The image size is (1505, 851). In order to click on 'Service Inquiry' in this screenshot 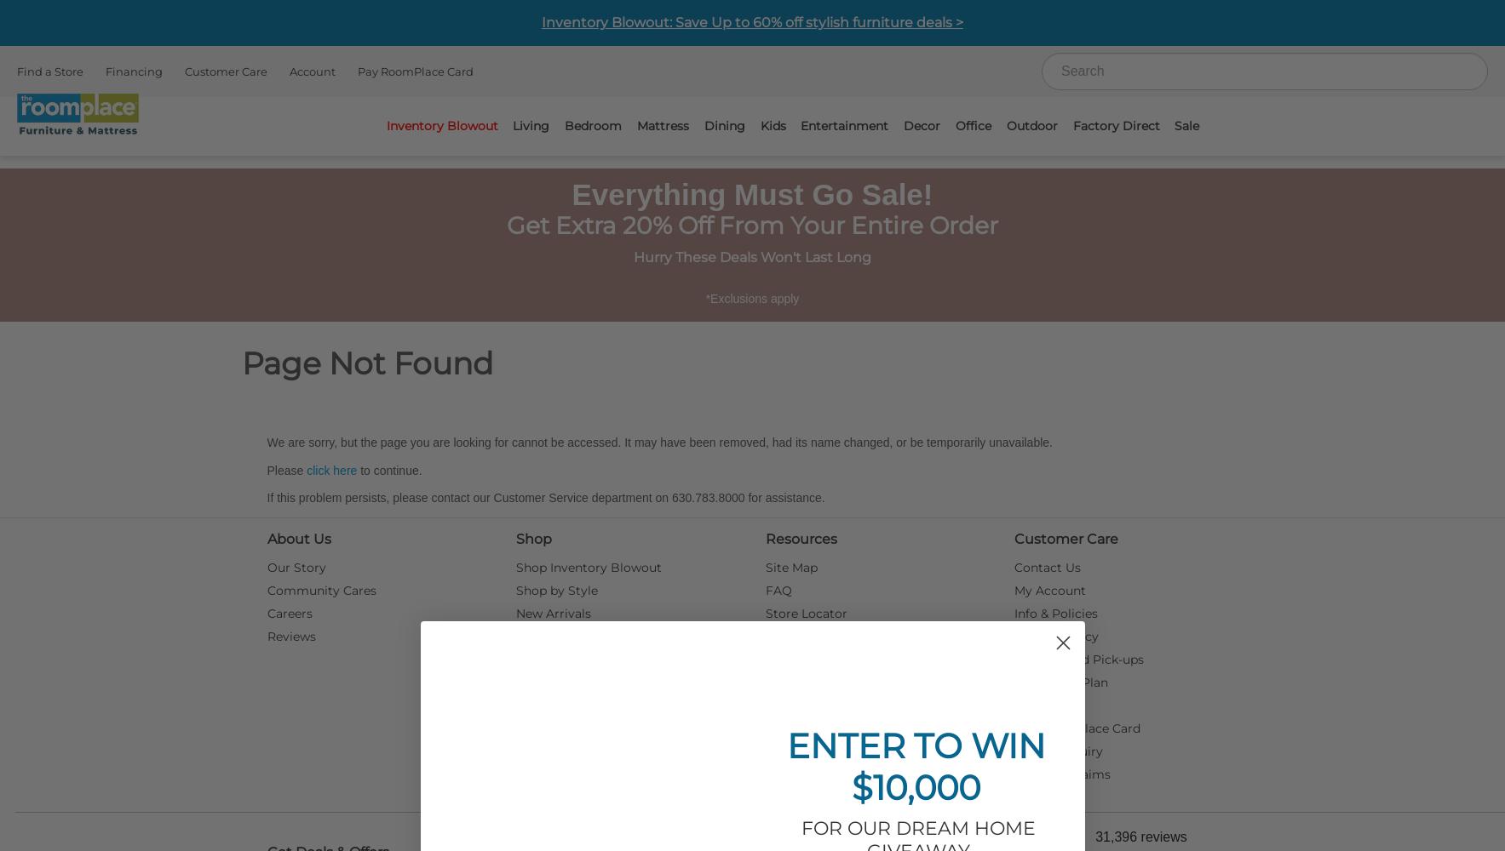, I will do `click(1058, 751)`.